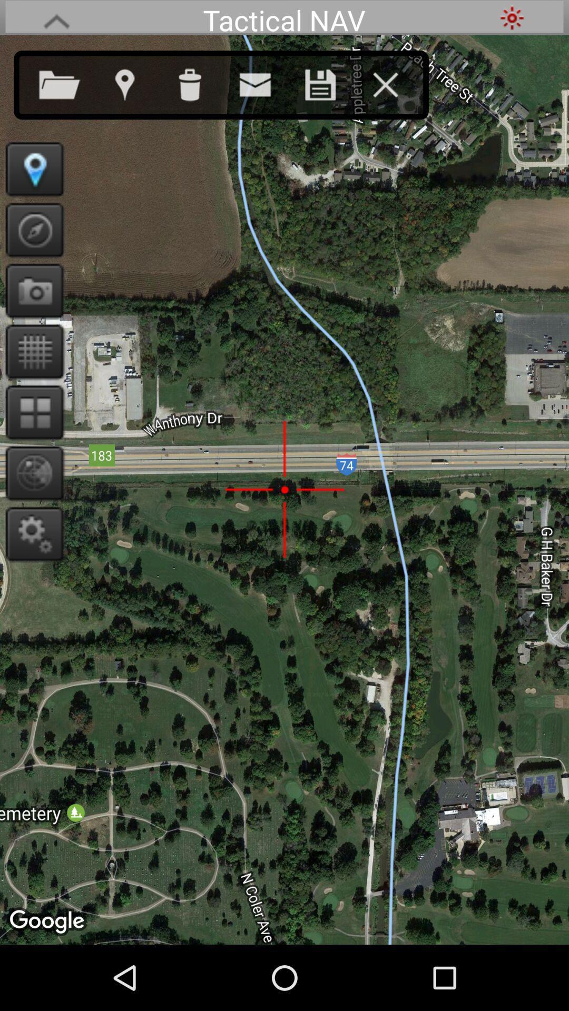 Image resolution: width=569 pixels, height=1011 pixels. What do you see at coordinates (31, 472) in the screenshot?
I see `open radar` at bounding box center [31, 472].